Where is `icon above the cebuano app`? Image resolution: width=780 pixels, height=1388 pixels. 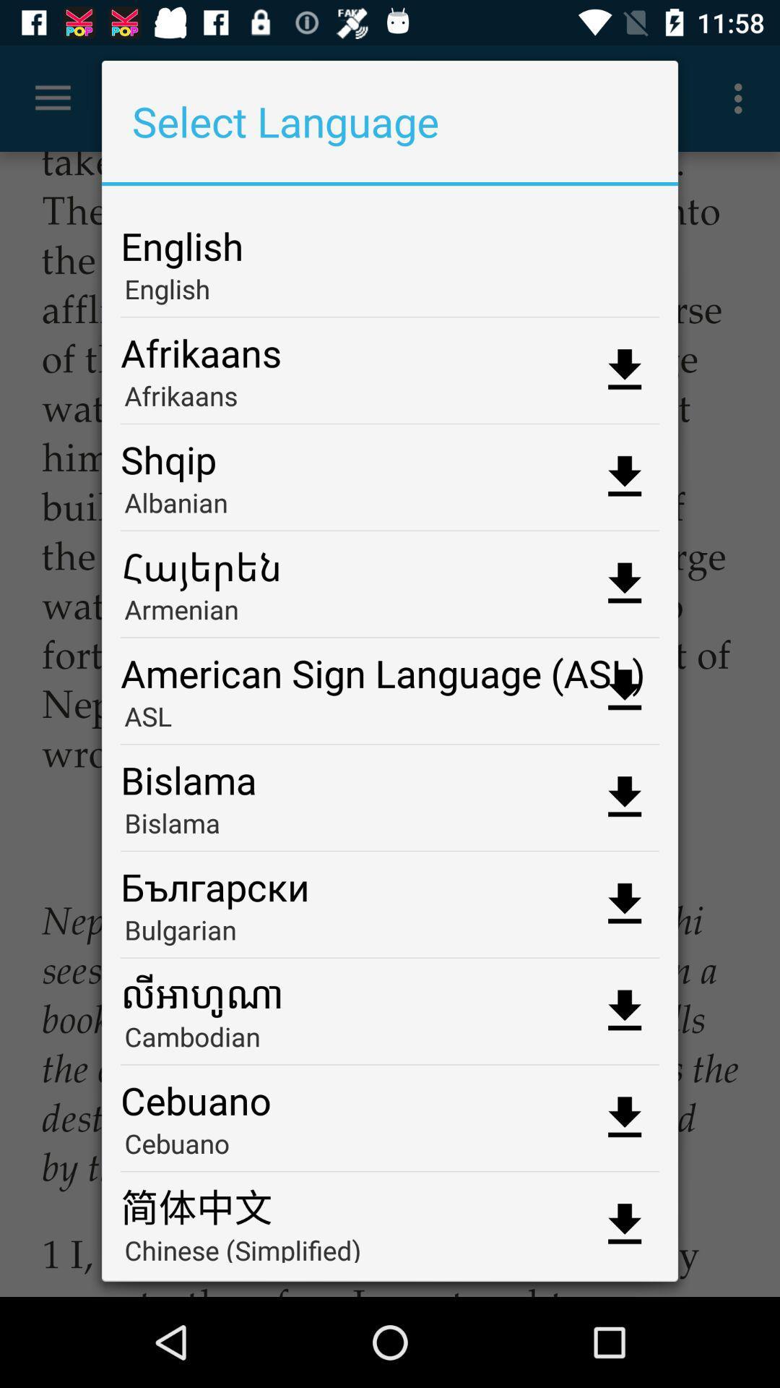
icon above the cebuano app is located at coordinates (390, 1041).